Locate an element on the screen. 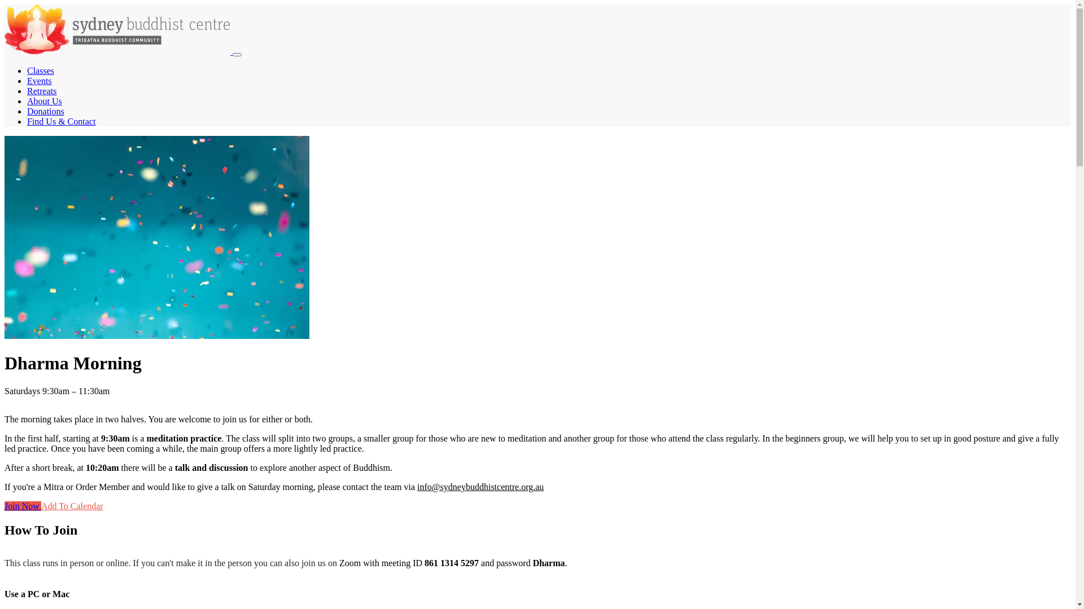 Image resolution: width=1084 pixels, height=609 pixels. 'info@sydneybuddhistcentre.org.au' is located at coordinates (480, 486).